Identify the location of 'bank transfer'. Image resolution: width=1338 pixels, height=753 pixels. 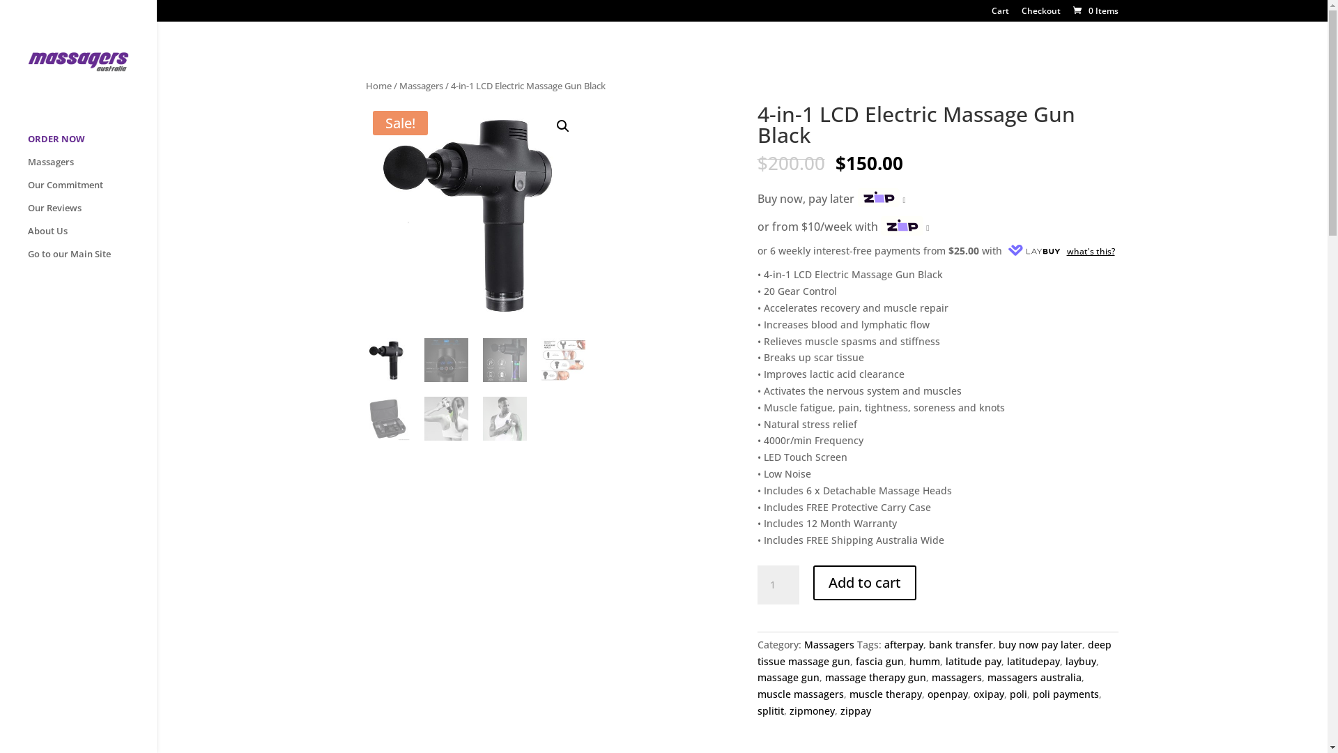
(960, 644).